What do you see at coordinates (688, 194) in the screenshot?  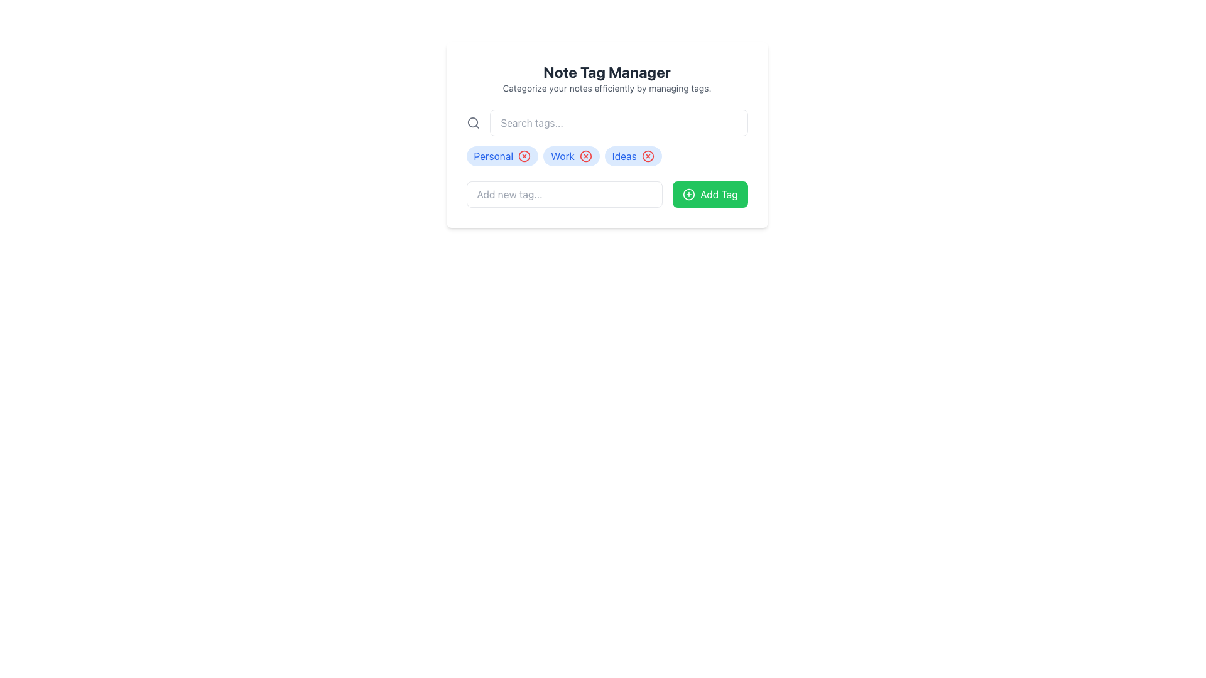 I see `the circular 'Add Tag' icon, which is a green button with a plus sign in the center, located at the bottom-right section of the card layout` at bounding box center [688, 194].